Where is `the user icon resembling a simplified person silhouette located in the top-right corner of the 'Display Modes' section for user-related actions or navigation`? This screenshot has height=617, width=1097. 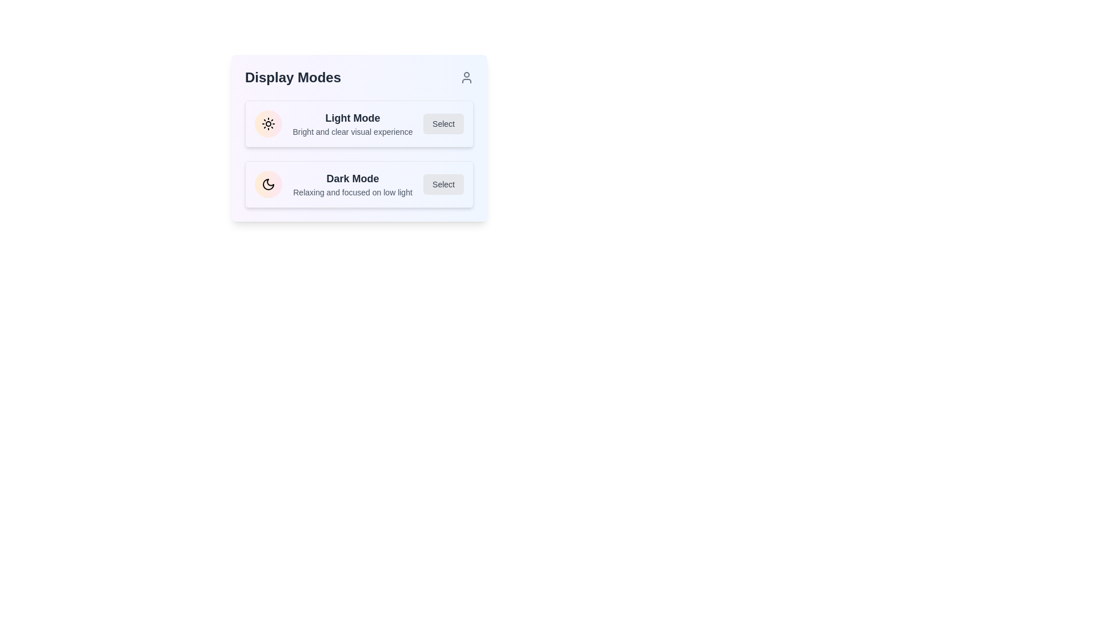
the user icon resembling a simplified person silhouette located in the top-right corner of the 'Display Modes' section for user-related actions or navigation is located at coordinates (466, 77).